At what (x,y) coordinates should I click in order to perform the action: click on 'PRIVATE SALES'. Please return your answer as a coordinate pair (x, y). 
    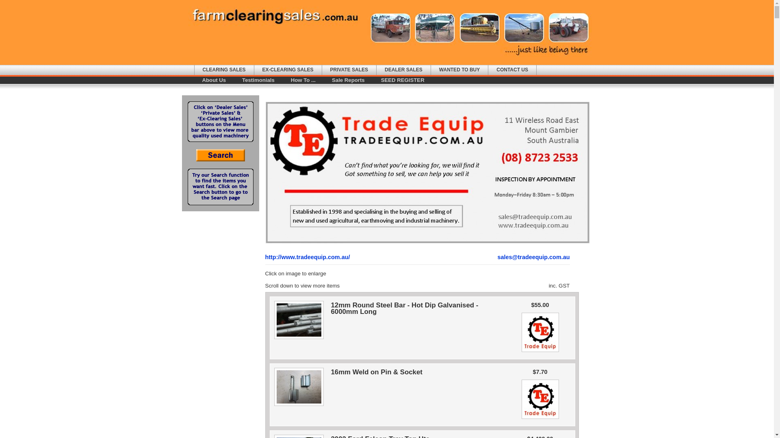
    Looking at the image, I should click on (349, 69).